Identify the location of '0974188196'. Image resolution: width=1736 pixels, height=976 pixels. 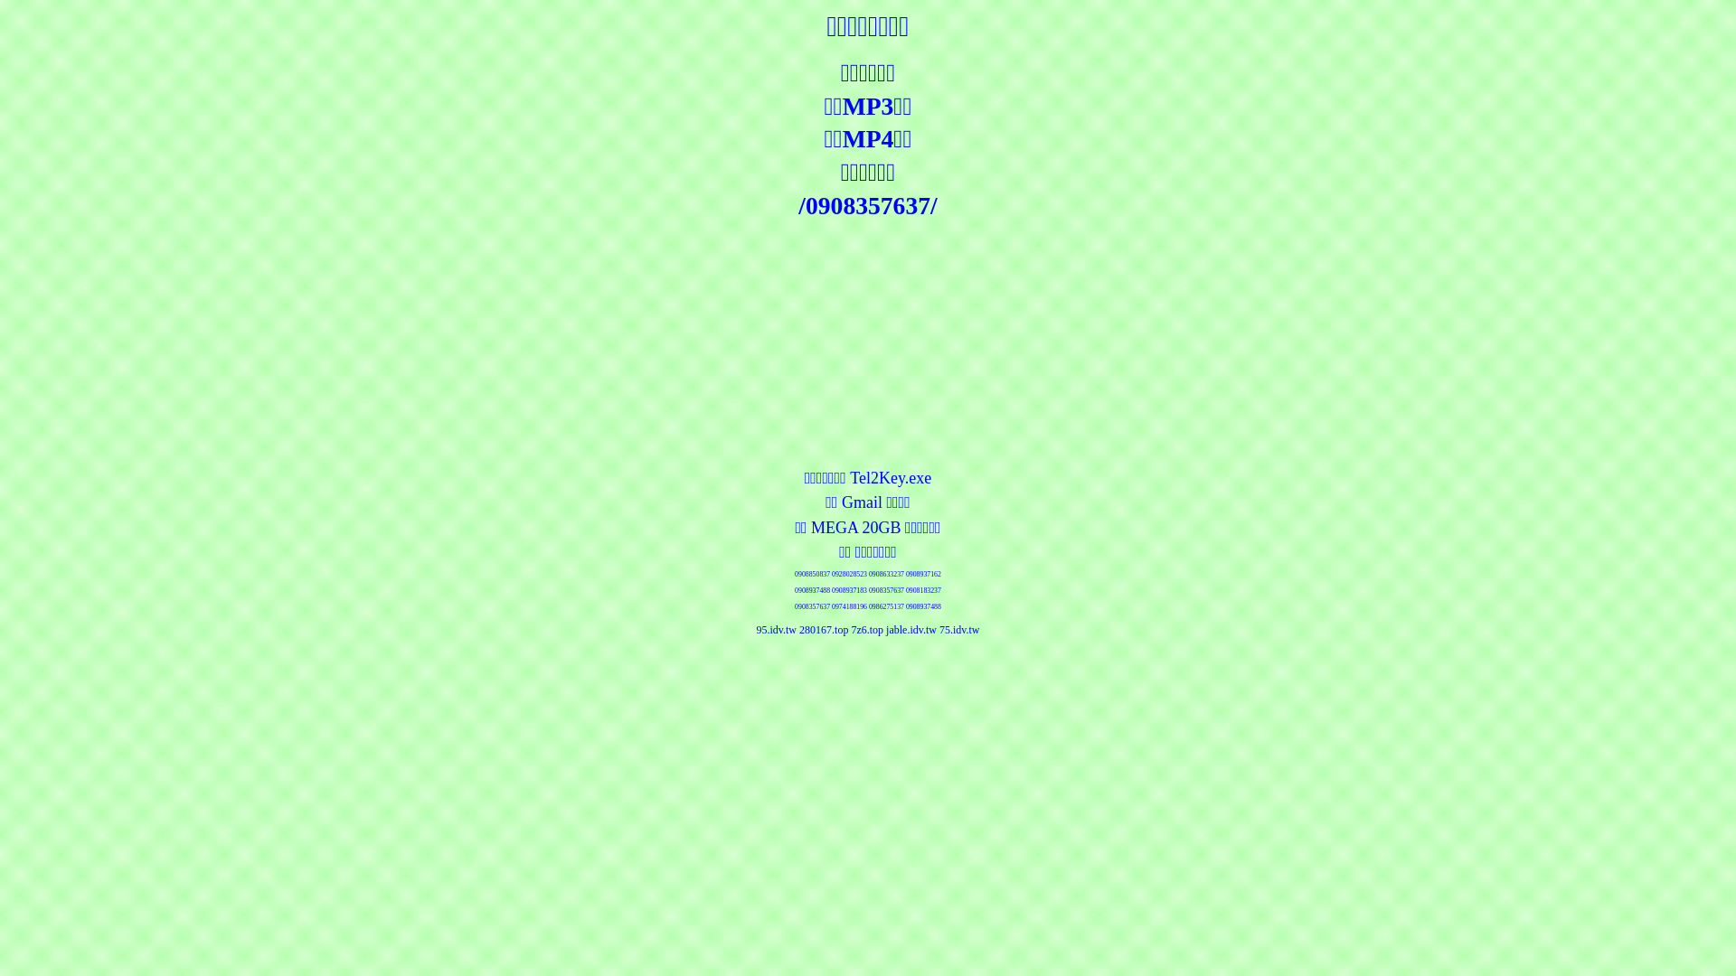
(848, 606).